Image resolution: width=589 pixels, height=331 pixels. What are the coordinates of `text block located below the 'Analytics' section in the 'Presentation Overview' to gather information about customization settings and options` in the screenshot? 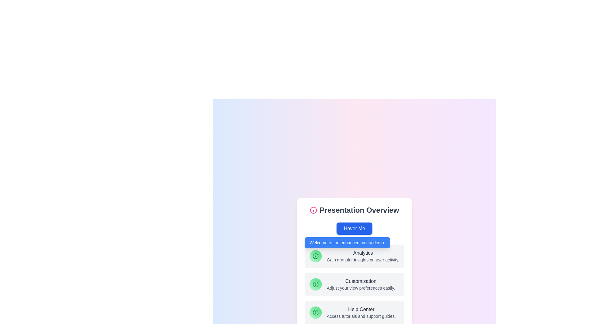 It's located at (361, 284).